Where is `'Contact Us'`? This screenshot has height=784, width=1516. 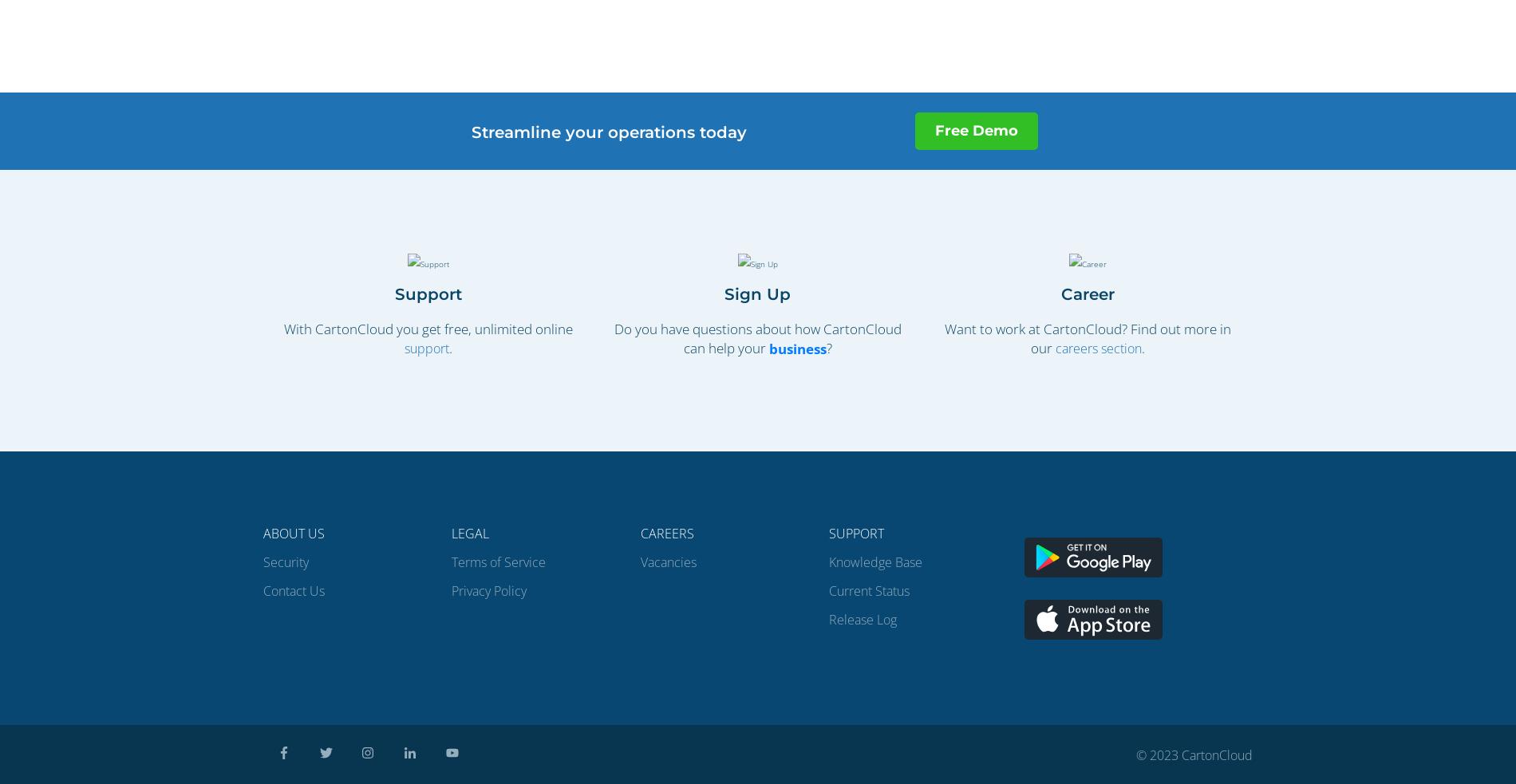
'Contact Us' is located at coordinates (263, 589).